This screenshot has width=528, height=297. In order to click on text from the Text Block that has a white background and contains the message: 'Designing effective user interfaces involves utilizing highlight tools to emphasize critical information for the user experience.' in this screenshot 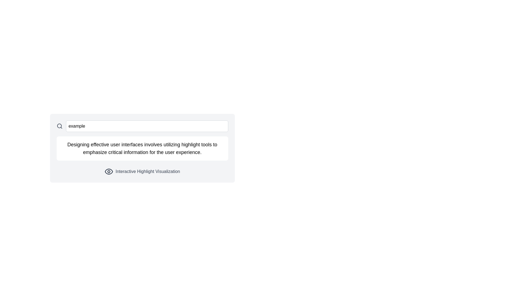, I will do `click(142, 148)`.